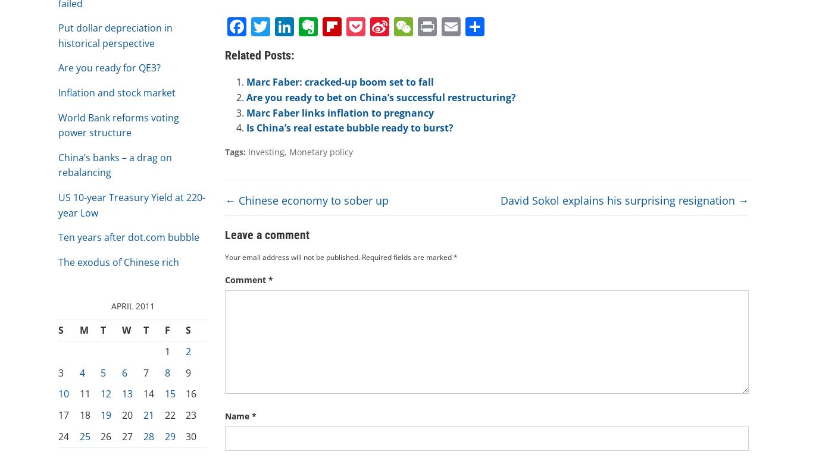 The width and height of the screenshot is (813, 464). I want to click on 'Are you ready to bet on China’s successful restructuring?', so click(246, 97).